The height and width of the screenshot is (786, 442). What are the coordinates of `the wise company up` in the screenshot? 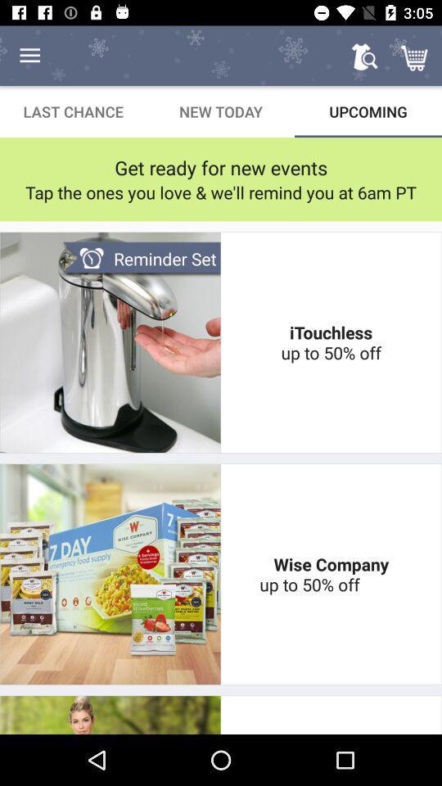 It's located at (331, 574).